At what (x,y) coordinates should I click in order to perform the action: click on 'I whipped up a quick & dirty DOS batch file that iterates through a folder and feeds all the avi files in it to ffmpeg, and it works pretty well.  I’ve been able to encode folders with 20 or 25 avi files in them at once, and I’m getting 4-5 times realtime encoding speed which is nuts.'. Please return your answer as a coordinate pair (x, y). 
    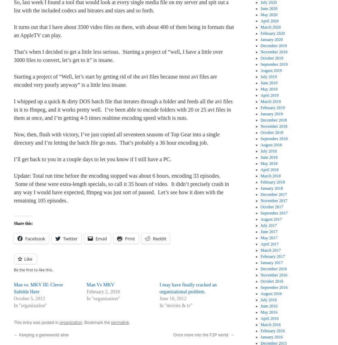
    Looking at the image, I should click on (123, 109).